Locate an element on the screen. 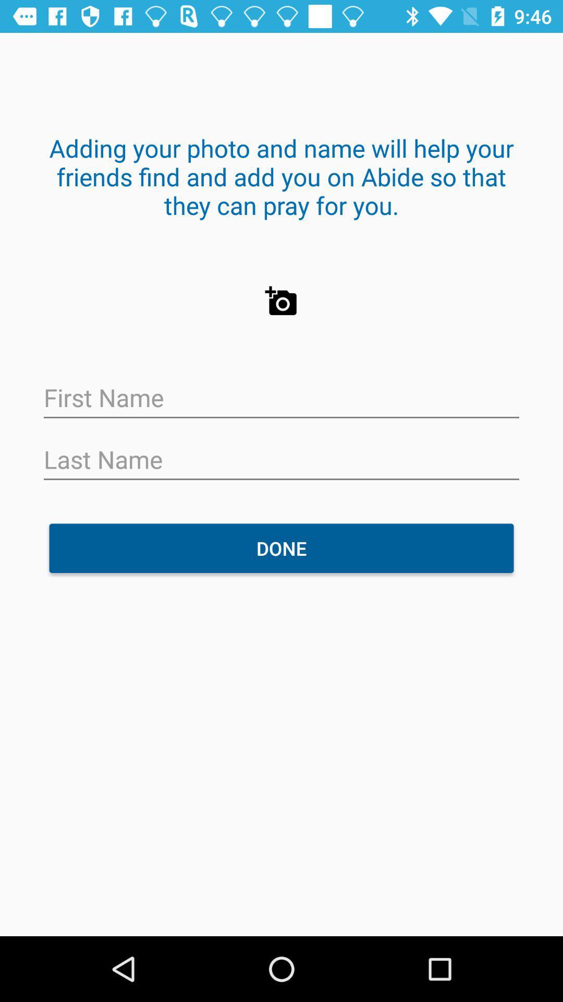  icon below adding your photo is located at coordinates (281, 301).